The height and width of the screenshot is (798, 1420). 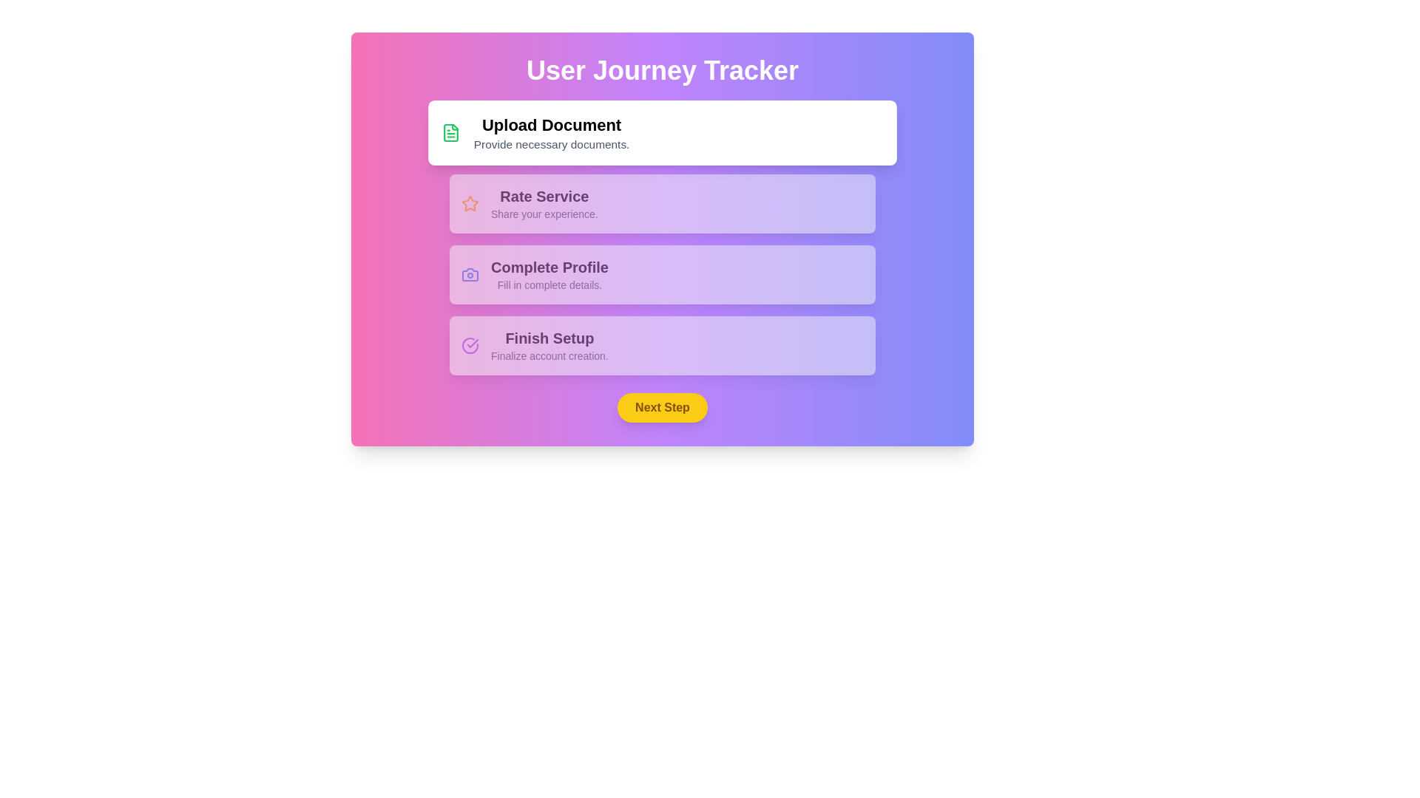 I want to click on the star icon representing the rating feature, which is located on the left side of the 'Rate Service' text, so click(x=469, y=204).